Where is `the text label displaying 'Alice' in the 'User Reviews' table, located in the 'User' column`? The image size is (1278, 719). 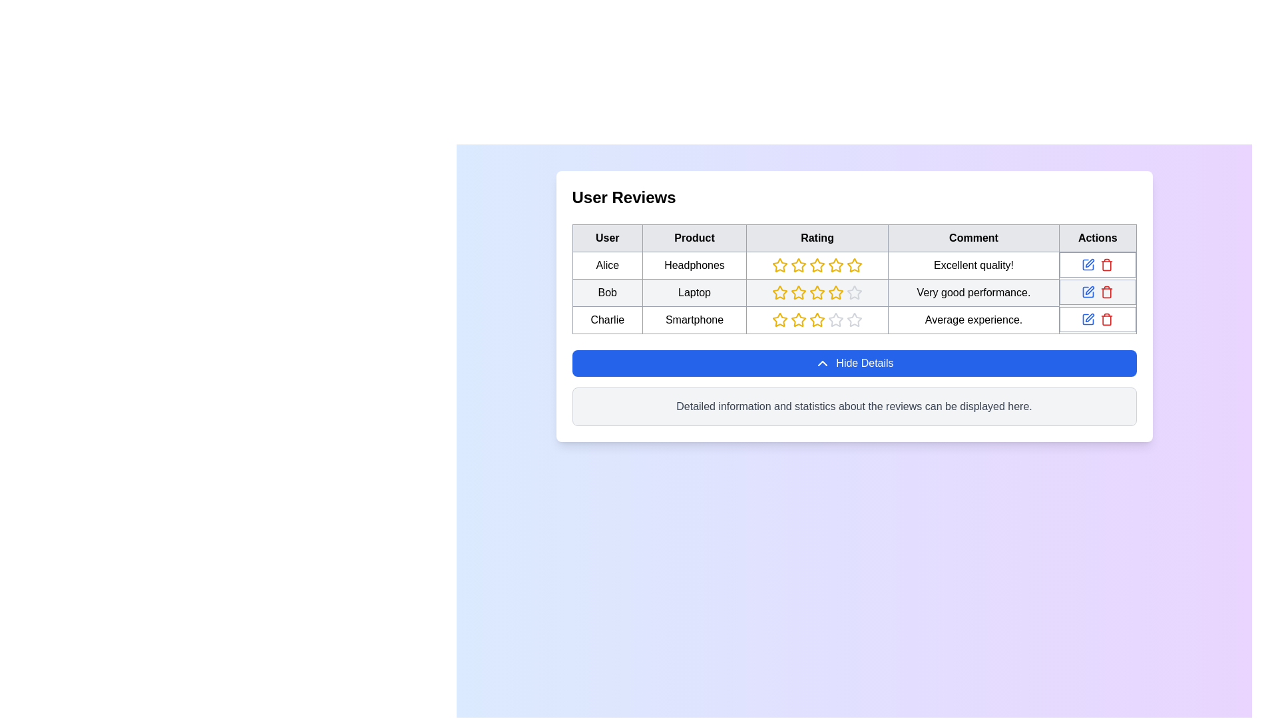
the text label displaying 'Alice' in the 'User Reviews' table, located in the 'User' column is located at coordinates (606, 265).